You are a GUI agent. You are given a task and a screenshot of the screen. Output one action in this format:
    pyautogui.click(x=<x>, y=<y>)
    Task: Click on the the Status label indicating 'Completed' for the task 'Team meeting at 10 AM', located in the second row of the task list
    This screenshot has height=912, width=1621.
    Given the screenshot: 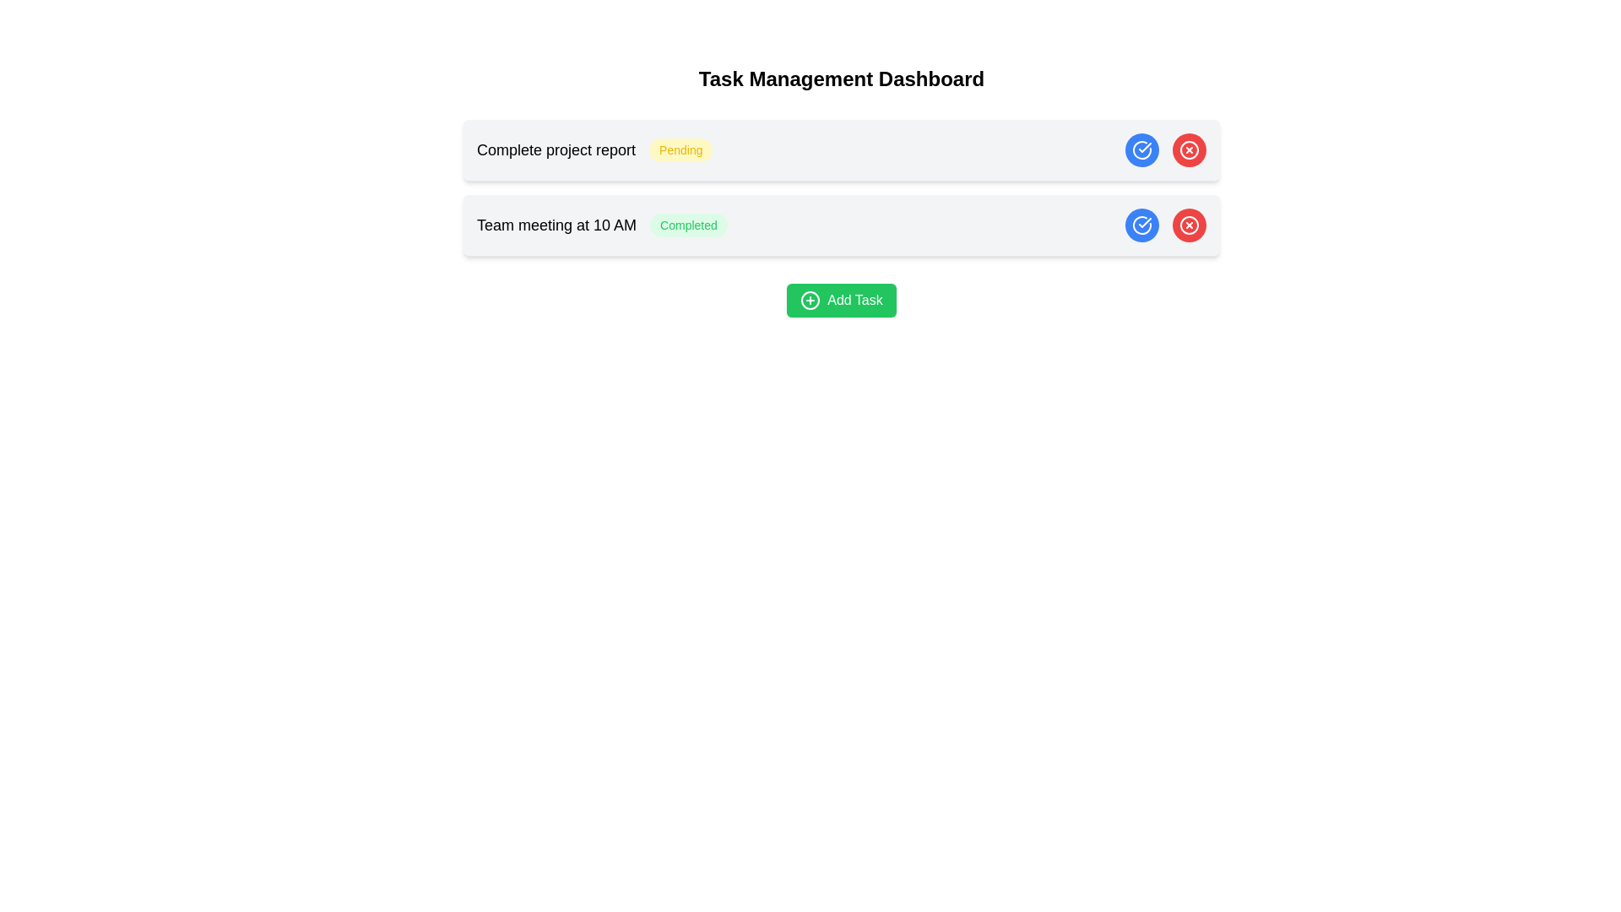 What is the action you would take?
    pyautogui.click(x=689, y=224)
    